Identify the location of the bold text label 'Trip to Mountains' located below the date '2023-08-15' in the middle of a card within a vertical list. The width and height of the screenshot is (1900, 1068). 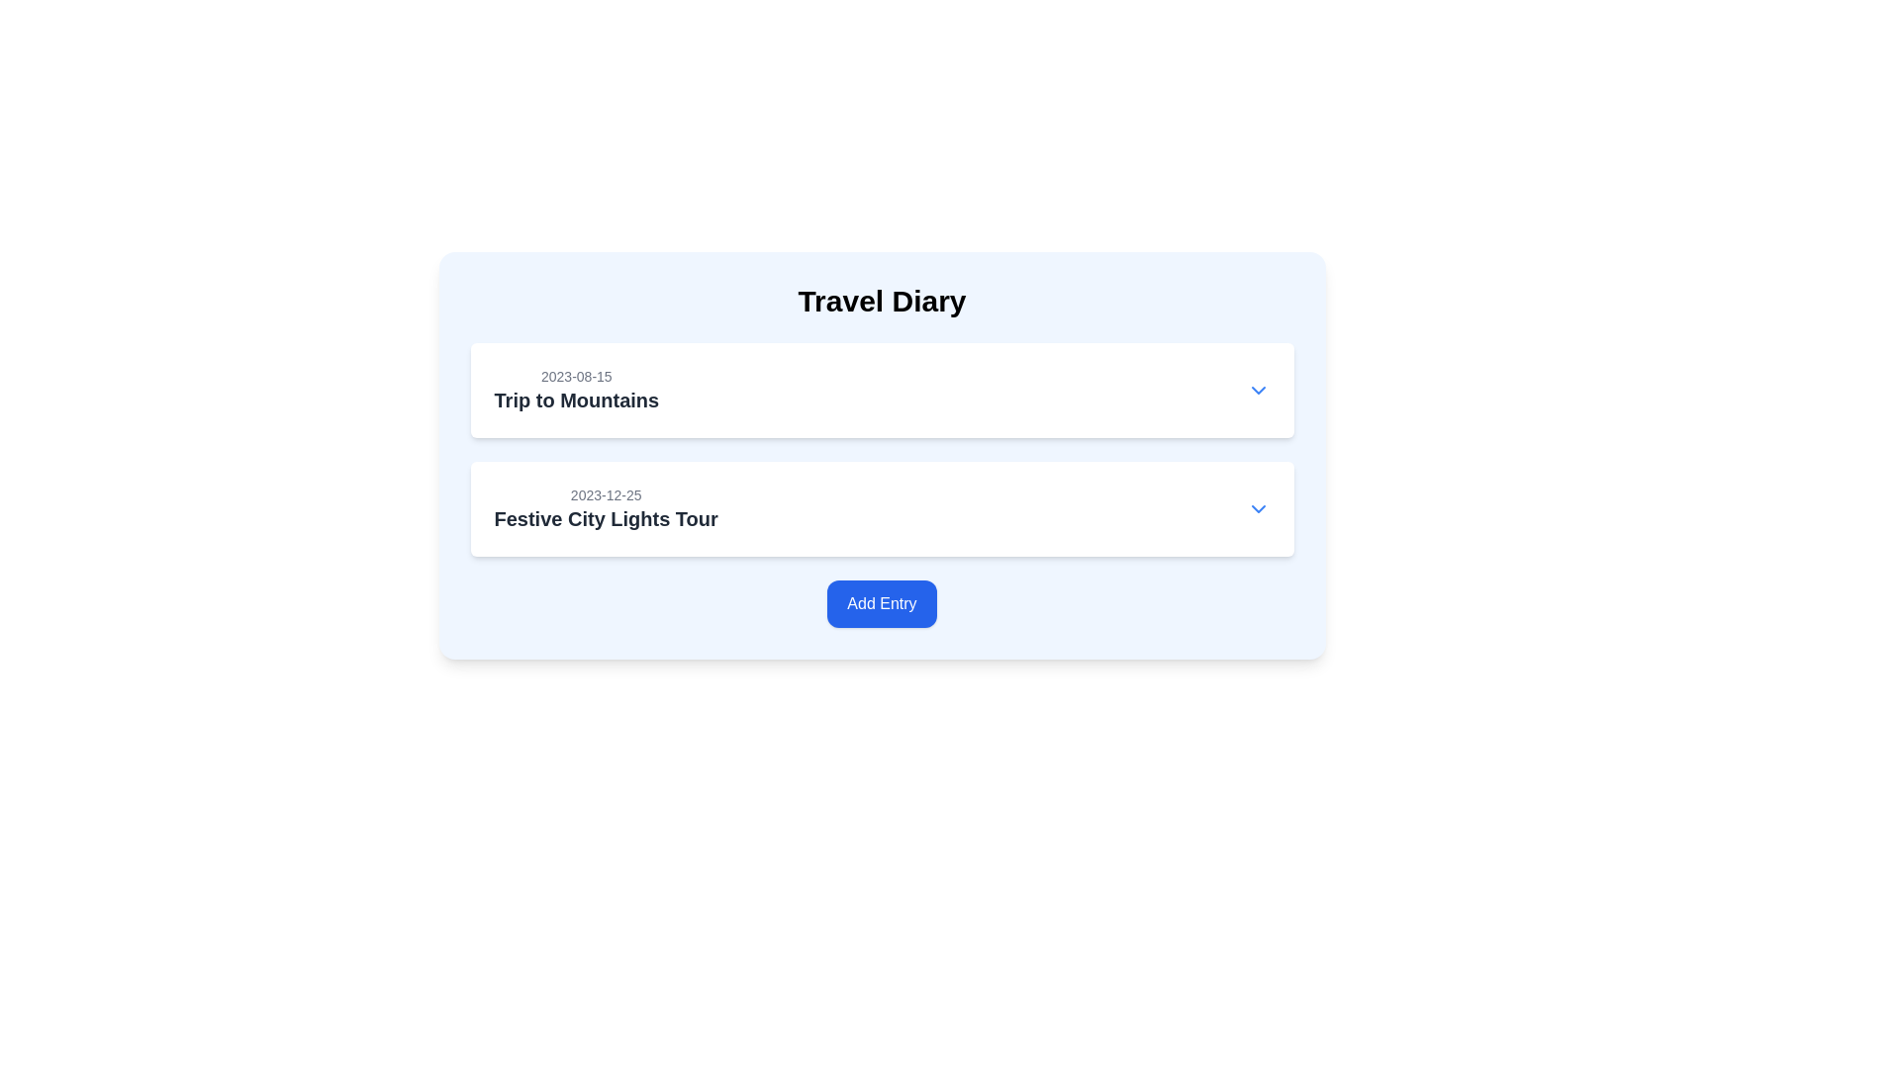
(575, 400).